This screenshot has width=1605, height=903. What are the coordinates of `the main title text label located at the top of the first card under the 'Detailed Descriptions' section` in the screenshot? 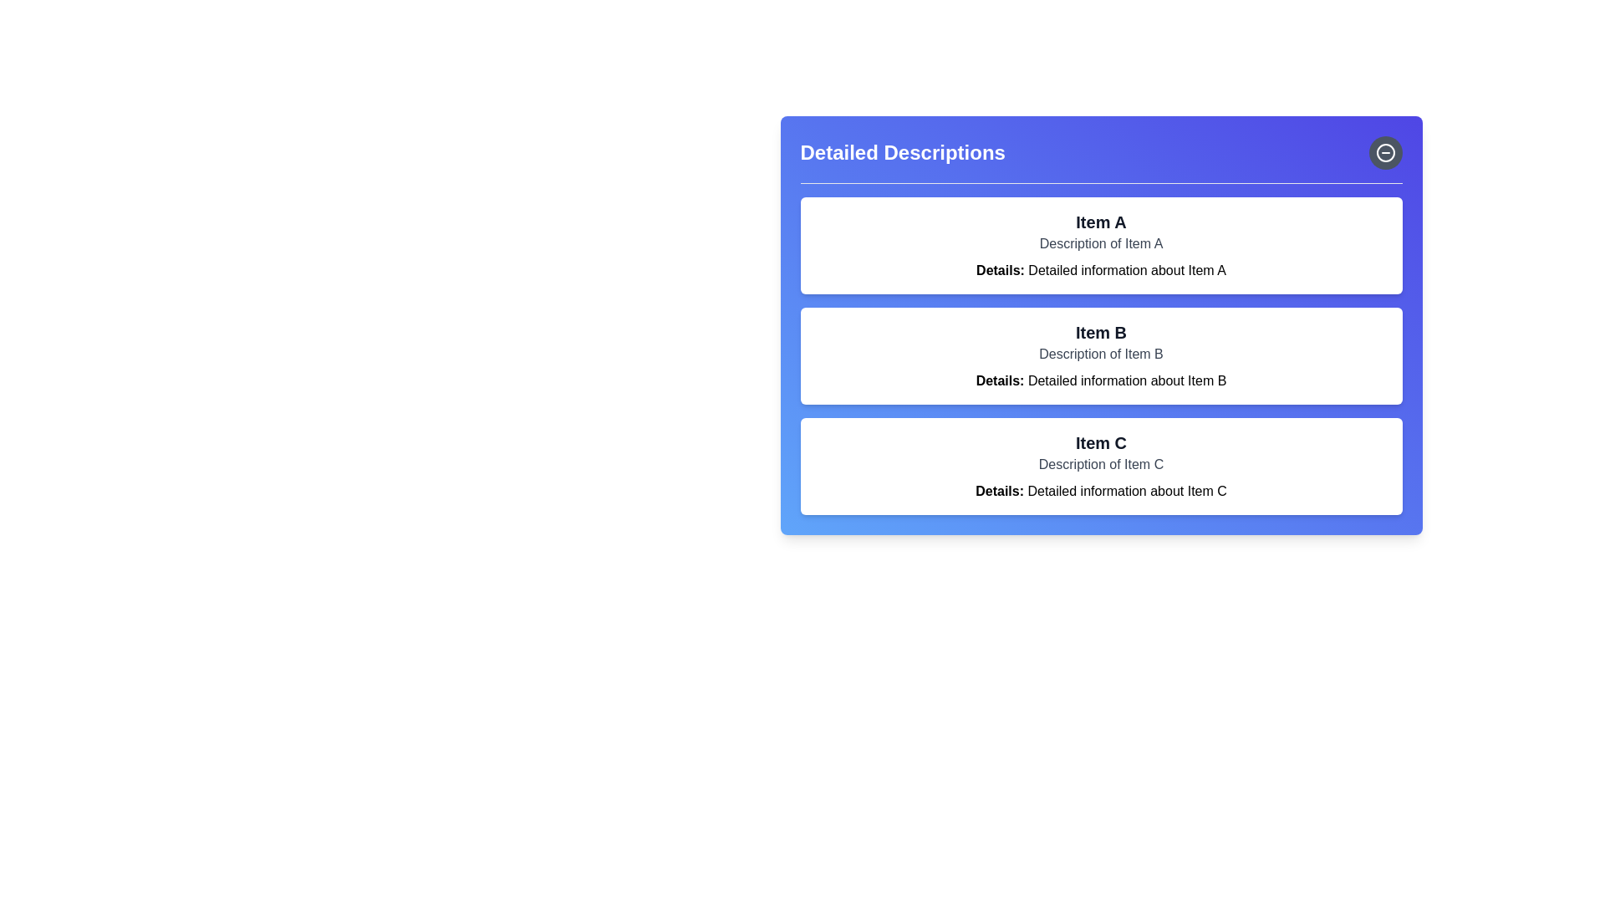 It's located at (1101, 222).